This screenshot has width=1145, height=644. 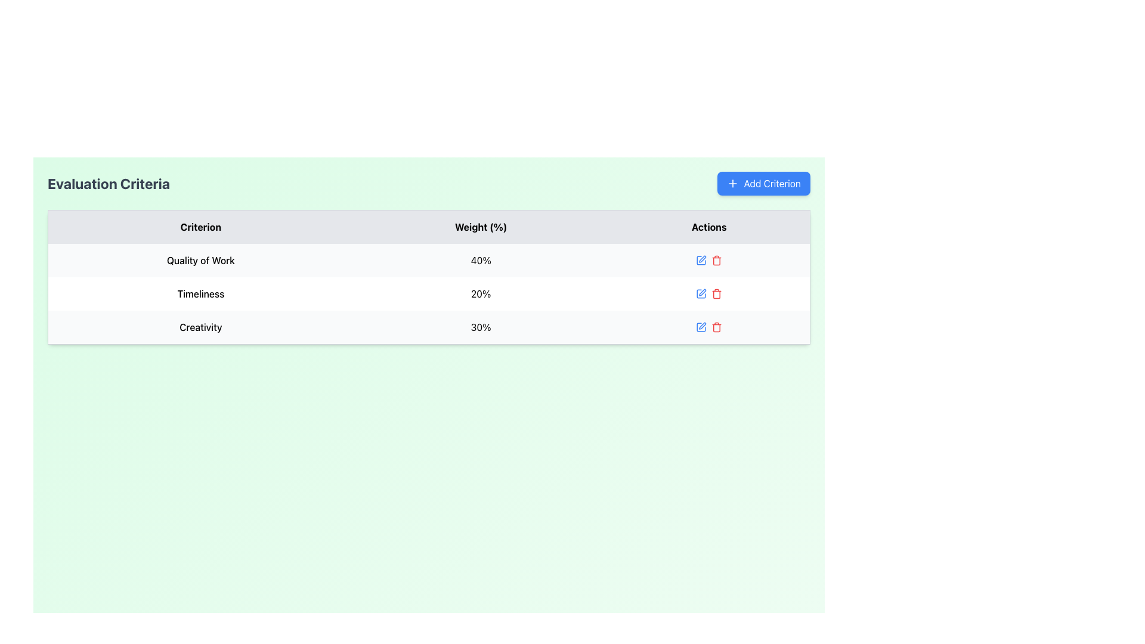 I want to click on the Text Label in the 'Criterion' column of the table that describes an evaluation criterion, positioned in the second row under the 'Evaluation Criteria' heading, so click(x=200, y=294).